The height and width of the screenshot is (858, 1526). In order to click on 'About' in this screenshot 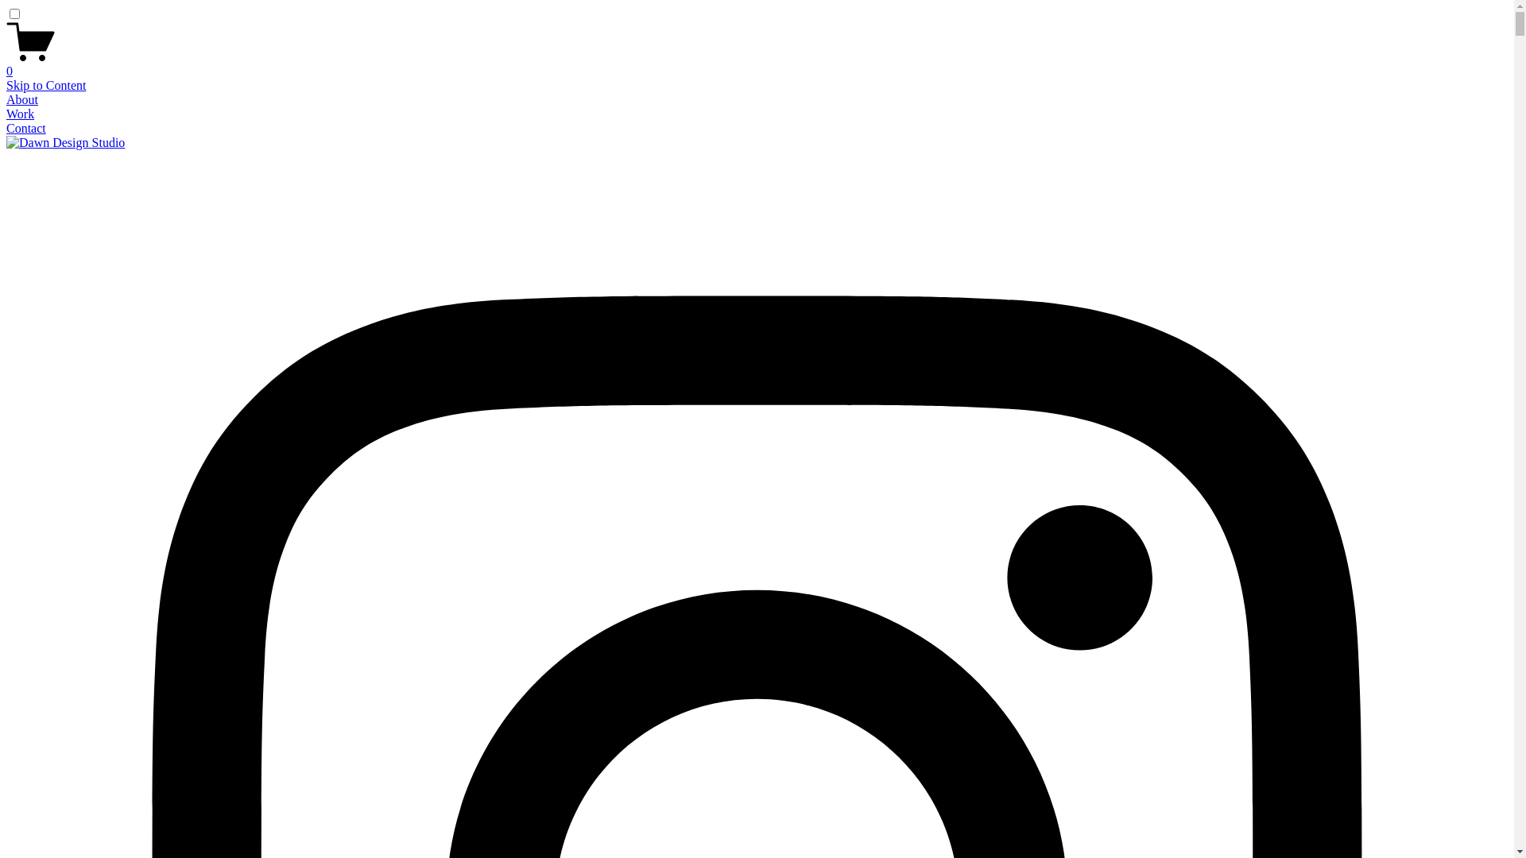, I will do `click(22, 99)`.